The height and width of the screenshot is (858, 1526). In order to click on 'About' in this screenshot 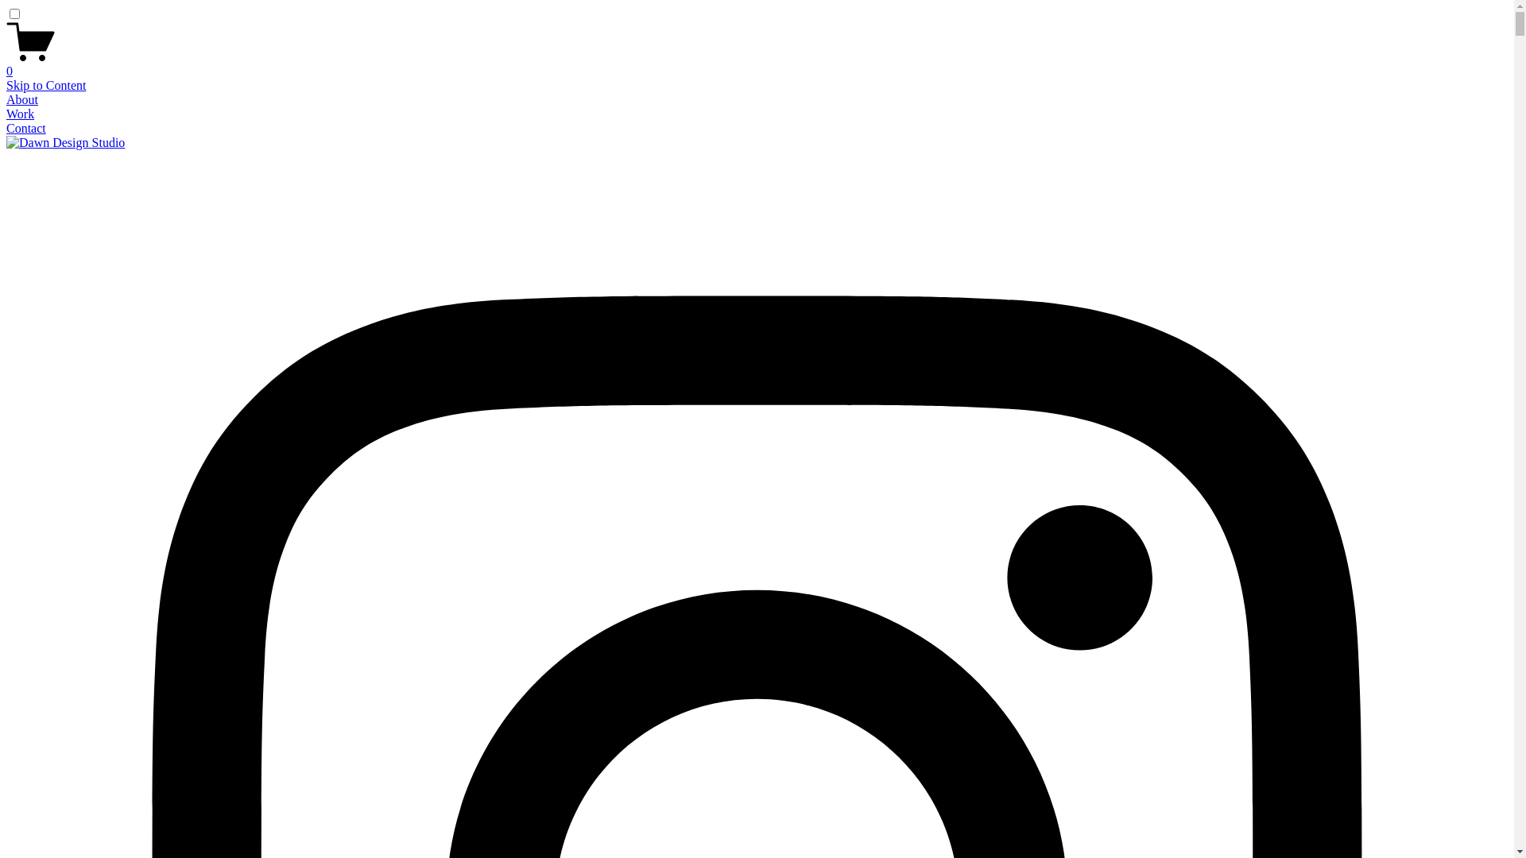, I will do `click(22, 99)`.